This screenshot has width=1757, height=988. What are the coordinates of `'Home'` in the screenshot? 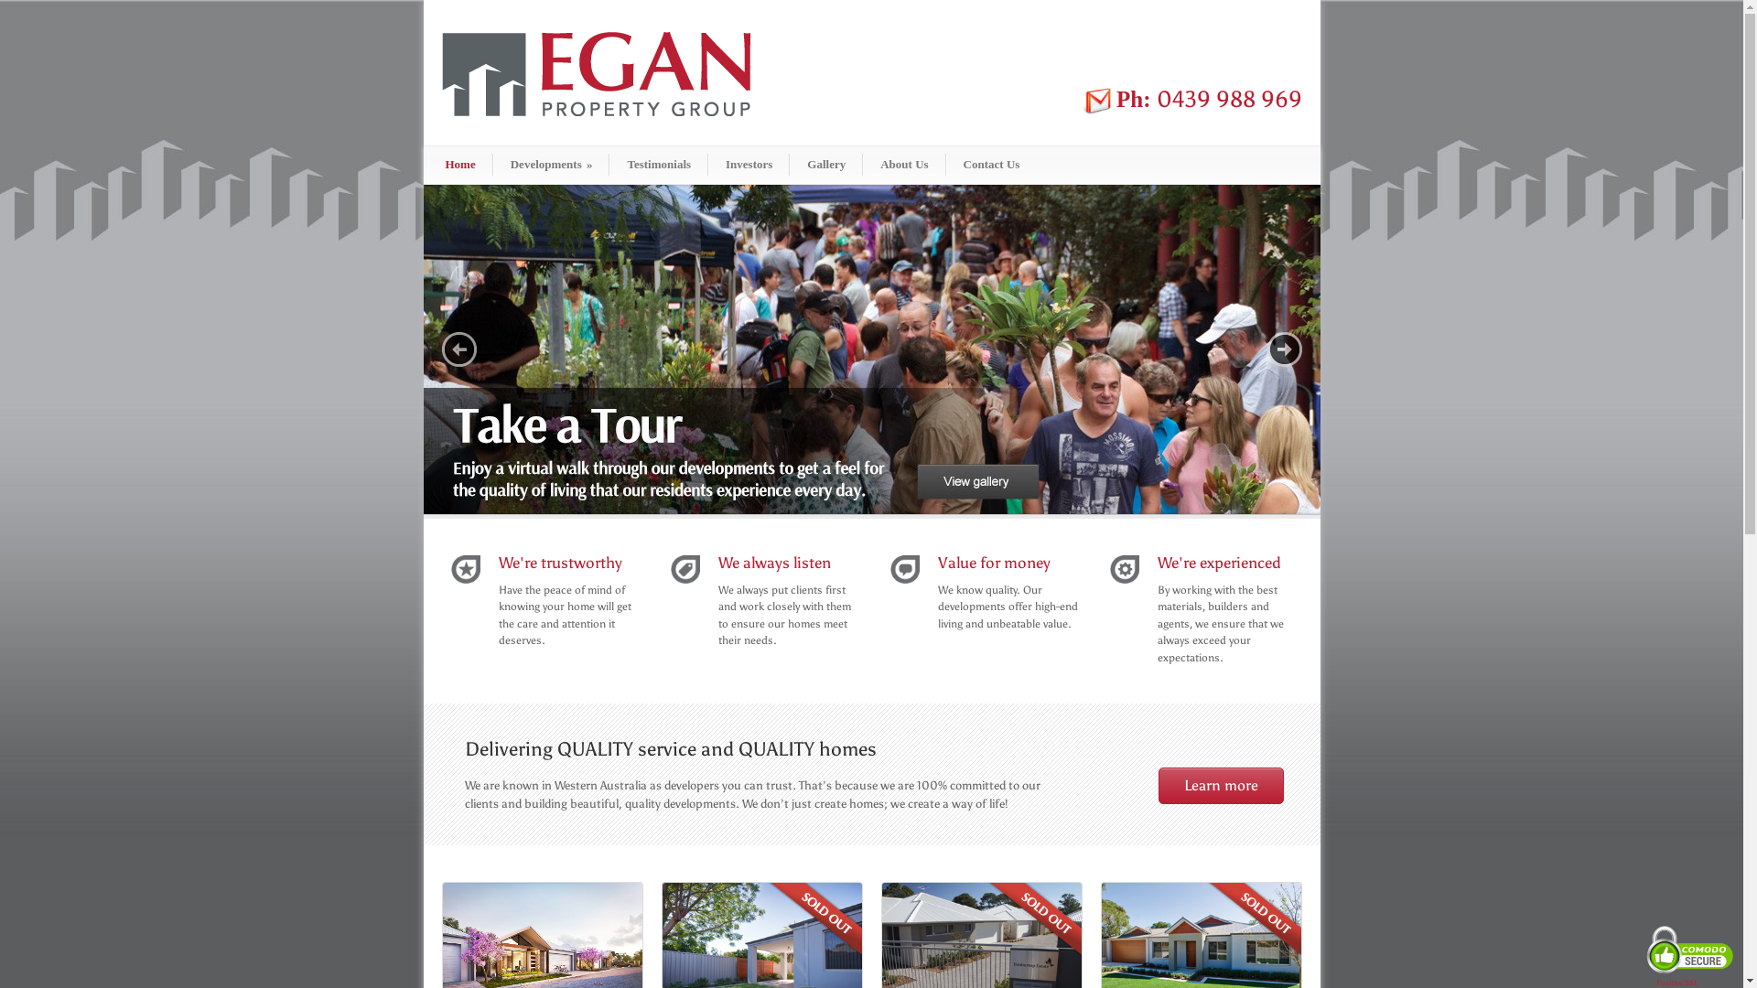 It's located at (460, 165).